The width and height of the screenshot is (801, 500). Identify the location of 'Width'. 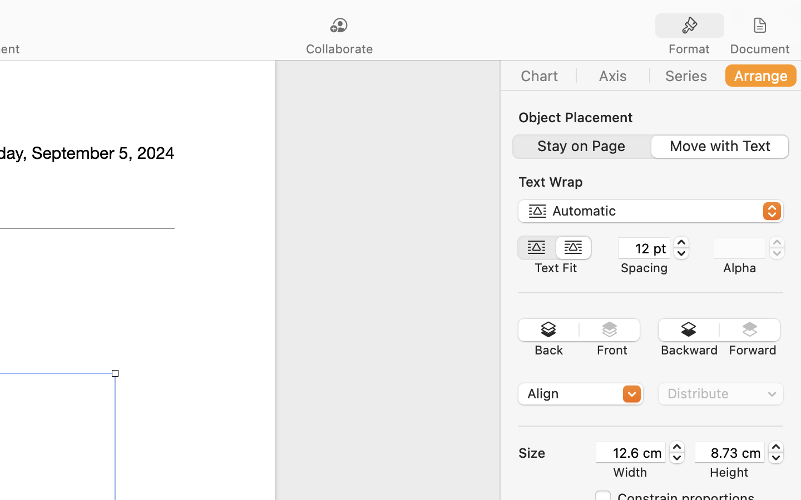
(629, 472).